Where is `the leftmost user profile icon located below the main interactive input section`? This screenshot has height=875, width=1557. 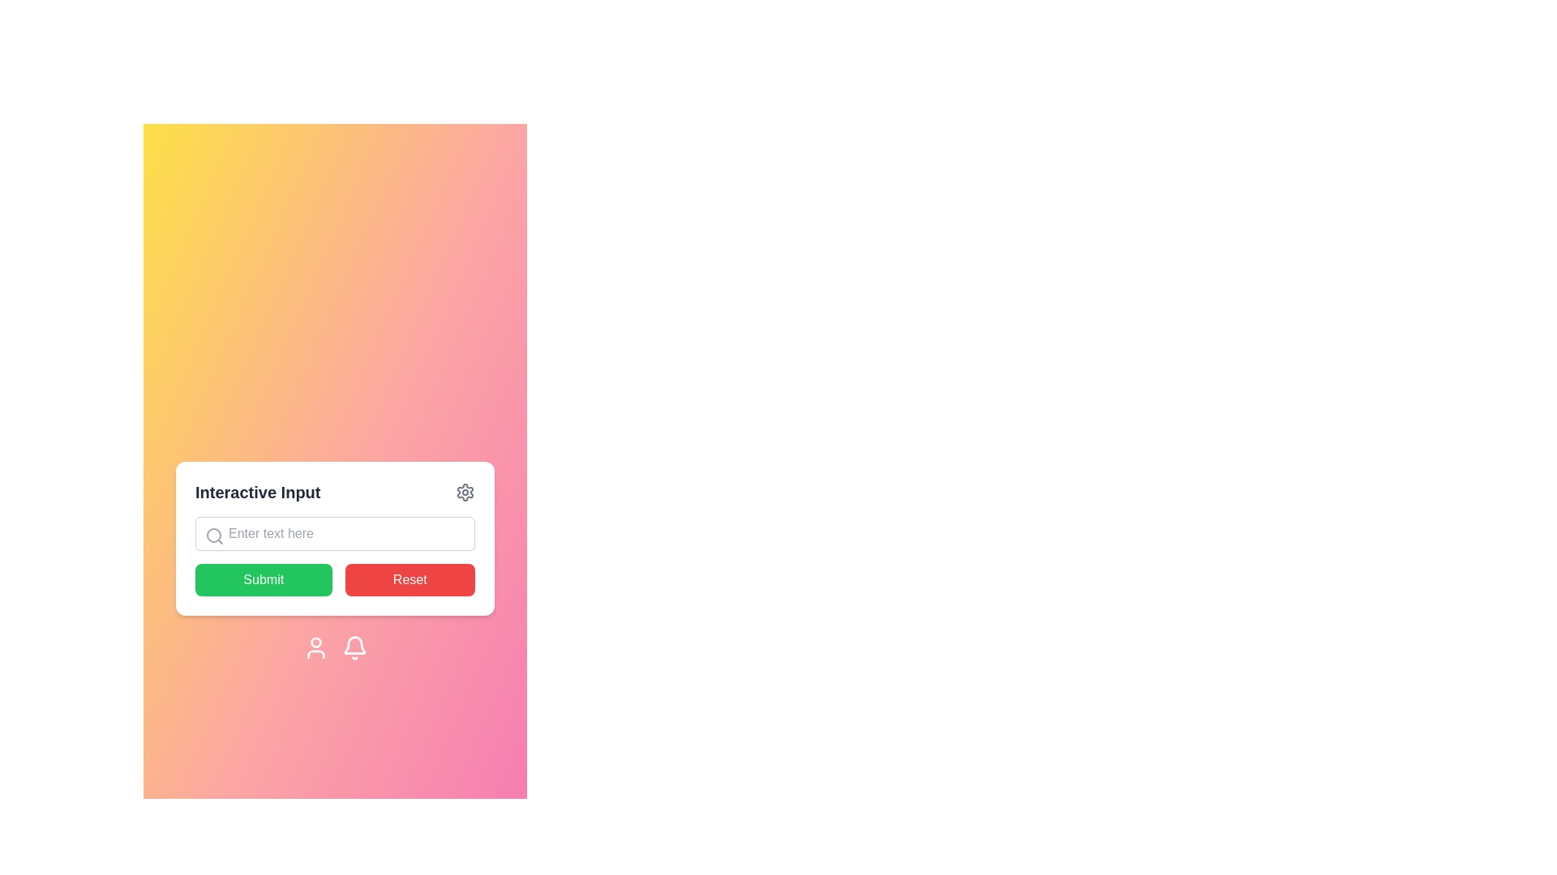 the leftmost user profile icon located below the main interactive input section is located at coordinates (315, 647).